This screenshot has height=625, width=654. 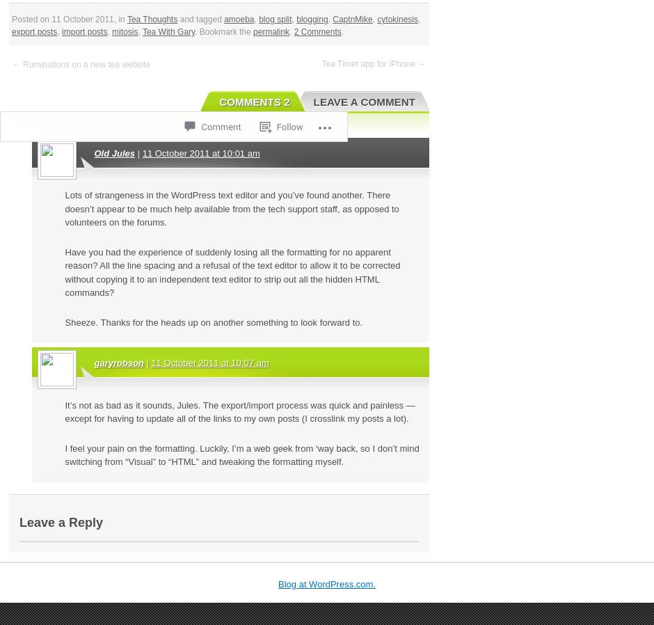 I want to click on 'garyrobson', so click(x=118, y=362).